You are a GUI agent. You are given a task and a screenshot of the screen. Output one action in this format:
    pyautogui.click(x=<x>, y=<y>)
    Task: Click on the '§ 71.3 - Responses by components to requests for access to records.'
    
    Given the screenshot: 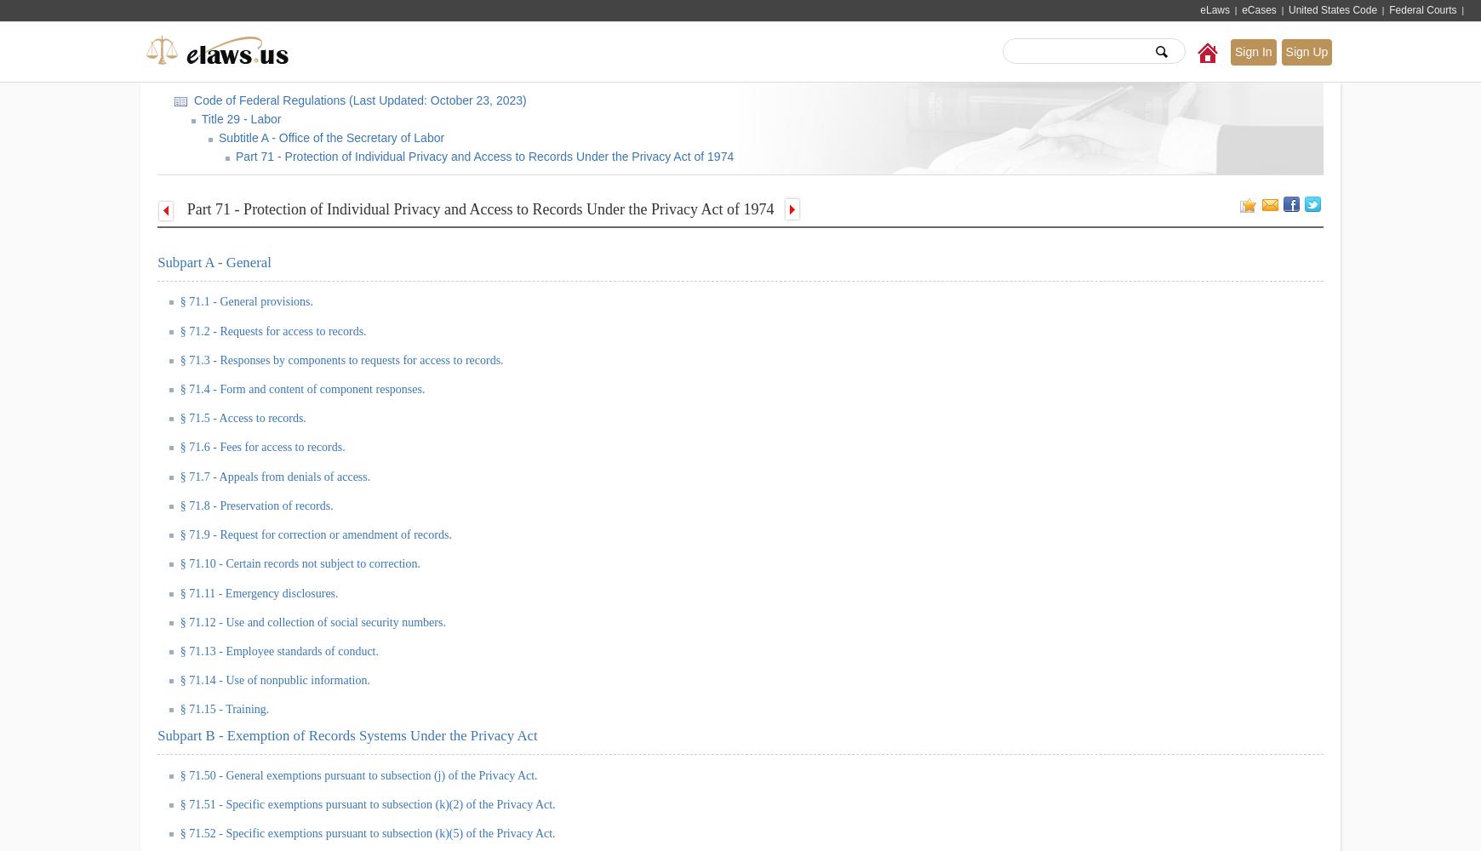 What is the action you would take?
    pyautogui.click(x=341, y=359)
    